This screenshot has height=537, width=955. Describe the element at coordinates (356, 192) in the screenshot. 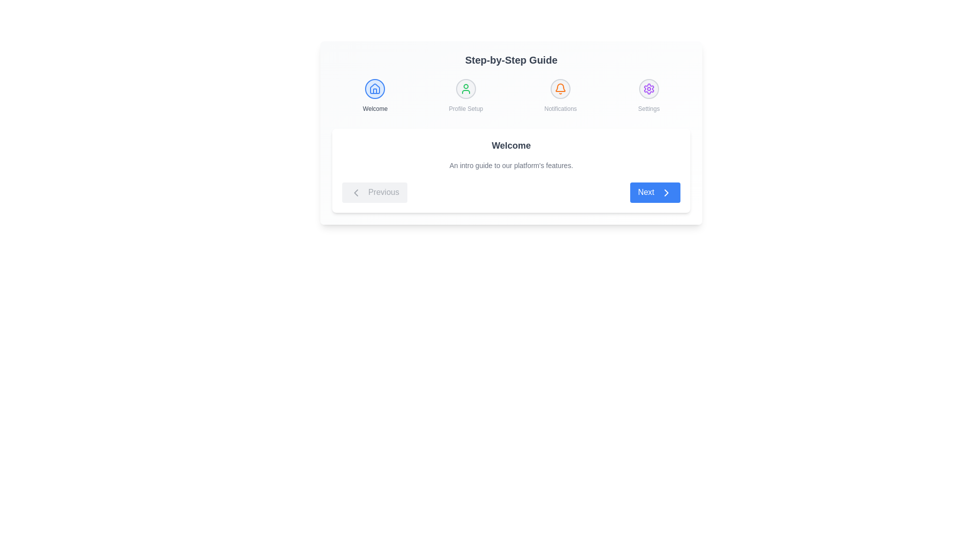

I see `the visual feedback provided by the leftward navigational chevron icon, which is part of the 'Previous' button in the interface` at that location.